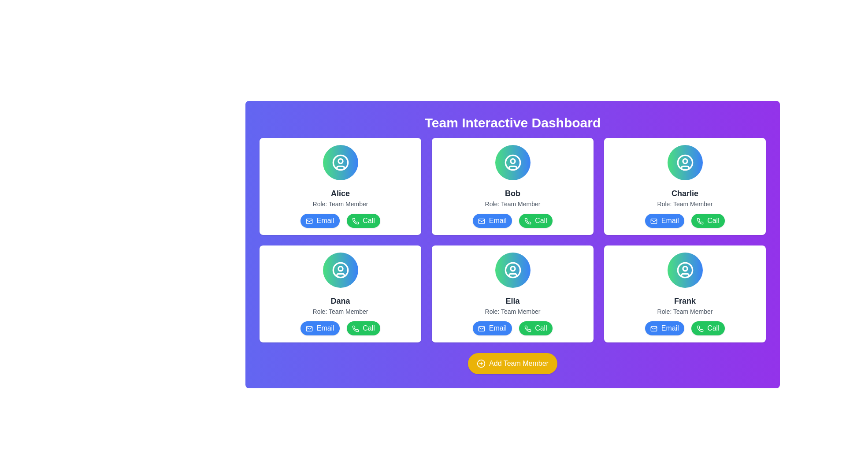  What do you see at coordinates (699, 220) in the screenshot?
I see `the green circular 'Call' button for user Charlie, which contains a telephone symbol` at bounding box center [699, 220].